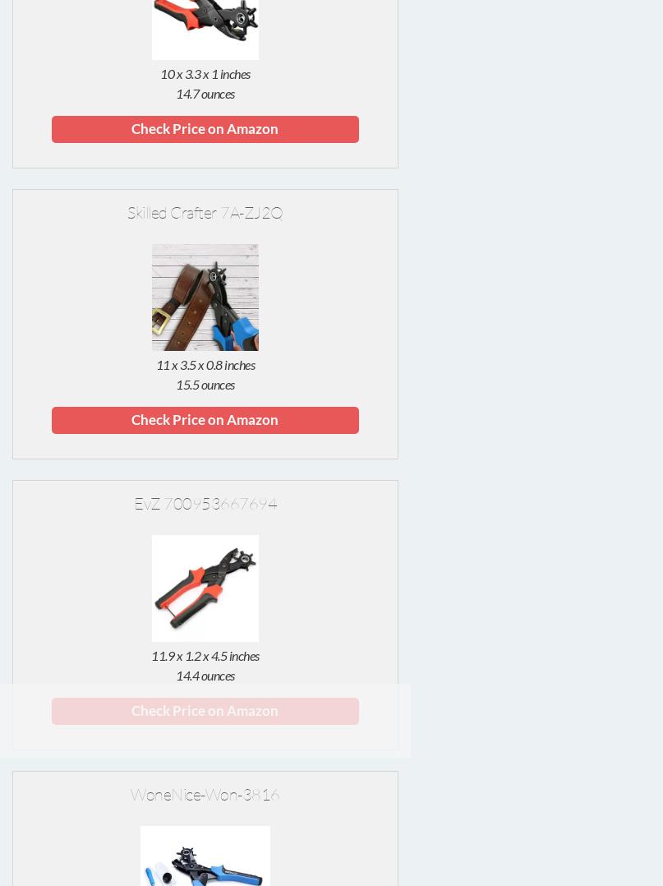 The image size is (663, 886). Describe the element at coordinates (204, 383) in the screenshot. I see `'15.5 ounces'` at that location.